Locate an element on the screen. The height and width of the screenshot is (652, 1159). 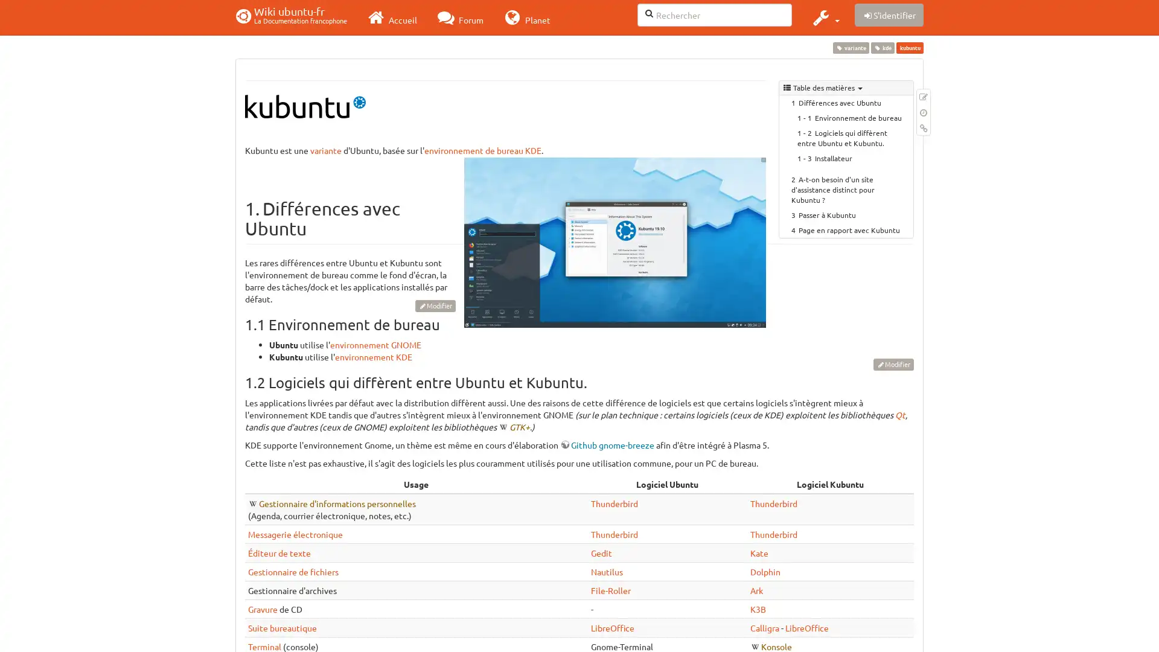
Modifier is located at coordinates (893, 363).